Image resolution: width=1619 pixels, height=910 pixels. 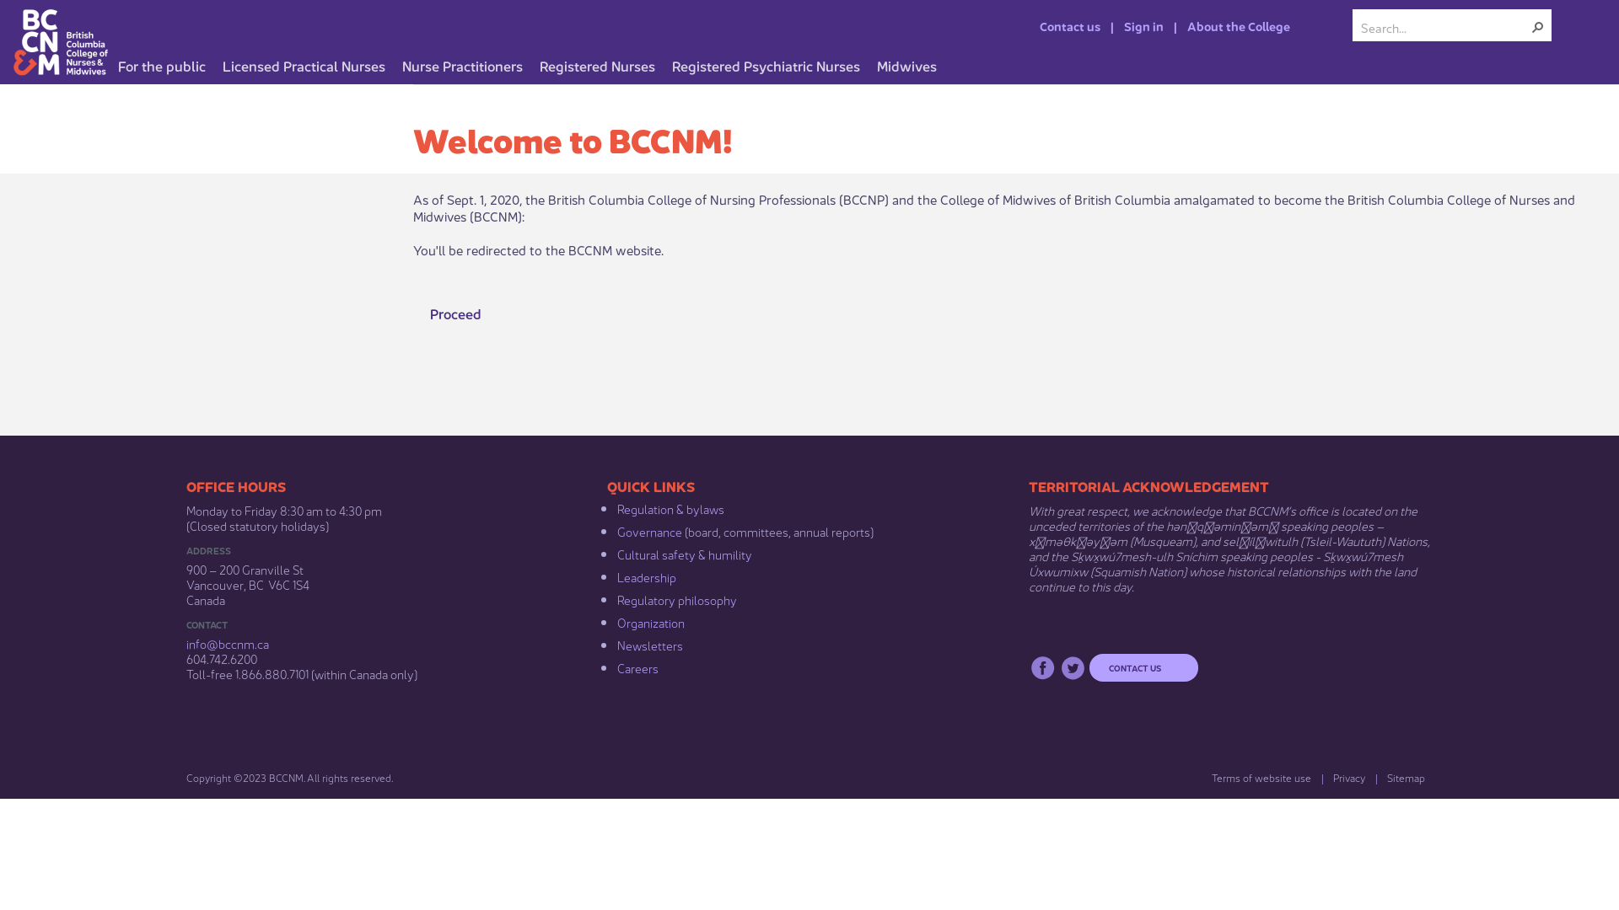 What do you see at coordinates (1375, 777) in the screenshot?
I see `'Sitemap'` at bounding box center [1375, 777].